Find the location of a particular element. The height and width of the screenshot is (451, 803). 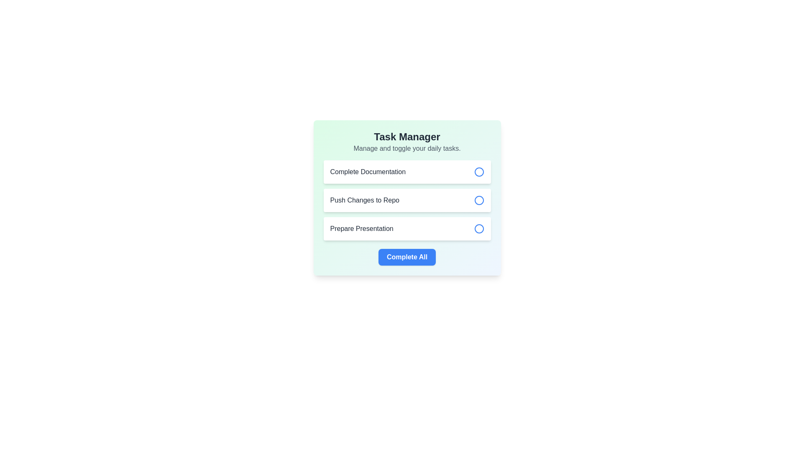

the Graphical Indicator (Circle) located in the rightmost corner of the 'Prepare Presentation' task item in the 'Task Manager' section is located at coordinates (479, 228).